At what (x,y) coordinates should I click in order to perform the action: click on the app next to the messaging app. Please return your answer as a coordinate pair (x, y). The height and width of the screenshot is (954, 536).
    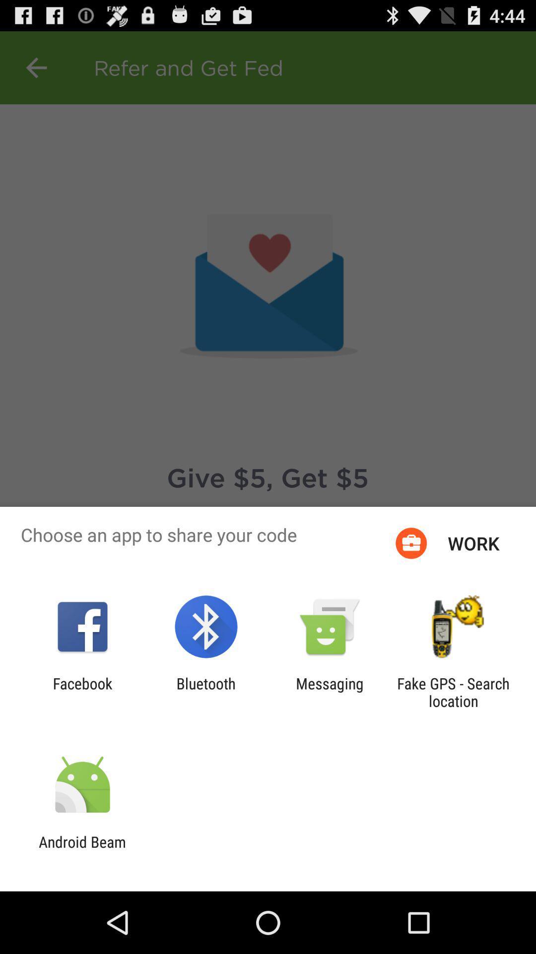
    Looking at the image, I should click on (453, 692).